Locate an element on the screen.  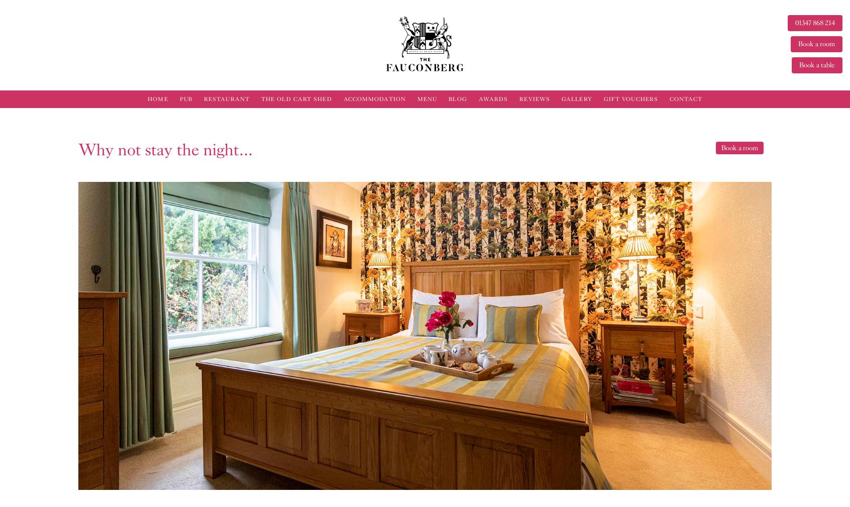
'Restaurant' is located at coordinates (203, 98).